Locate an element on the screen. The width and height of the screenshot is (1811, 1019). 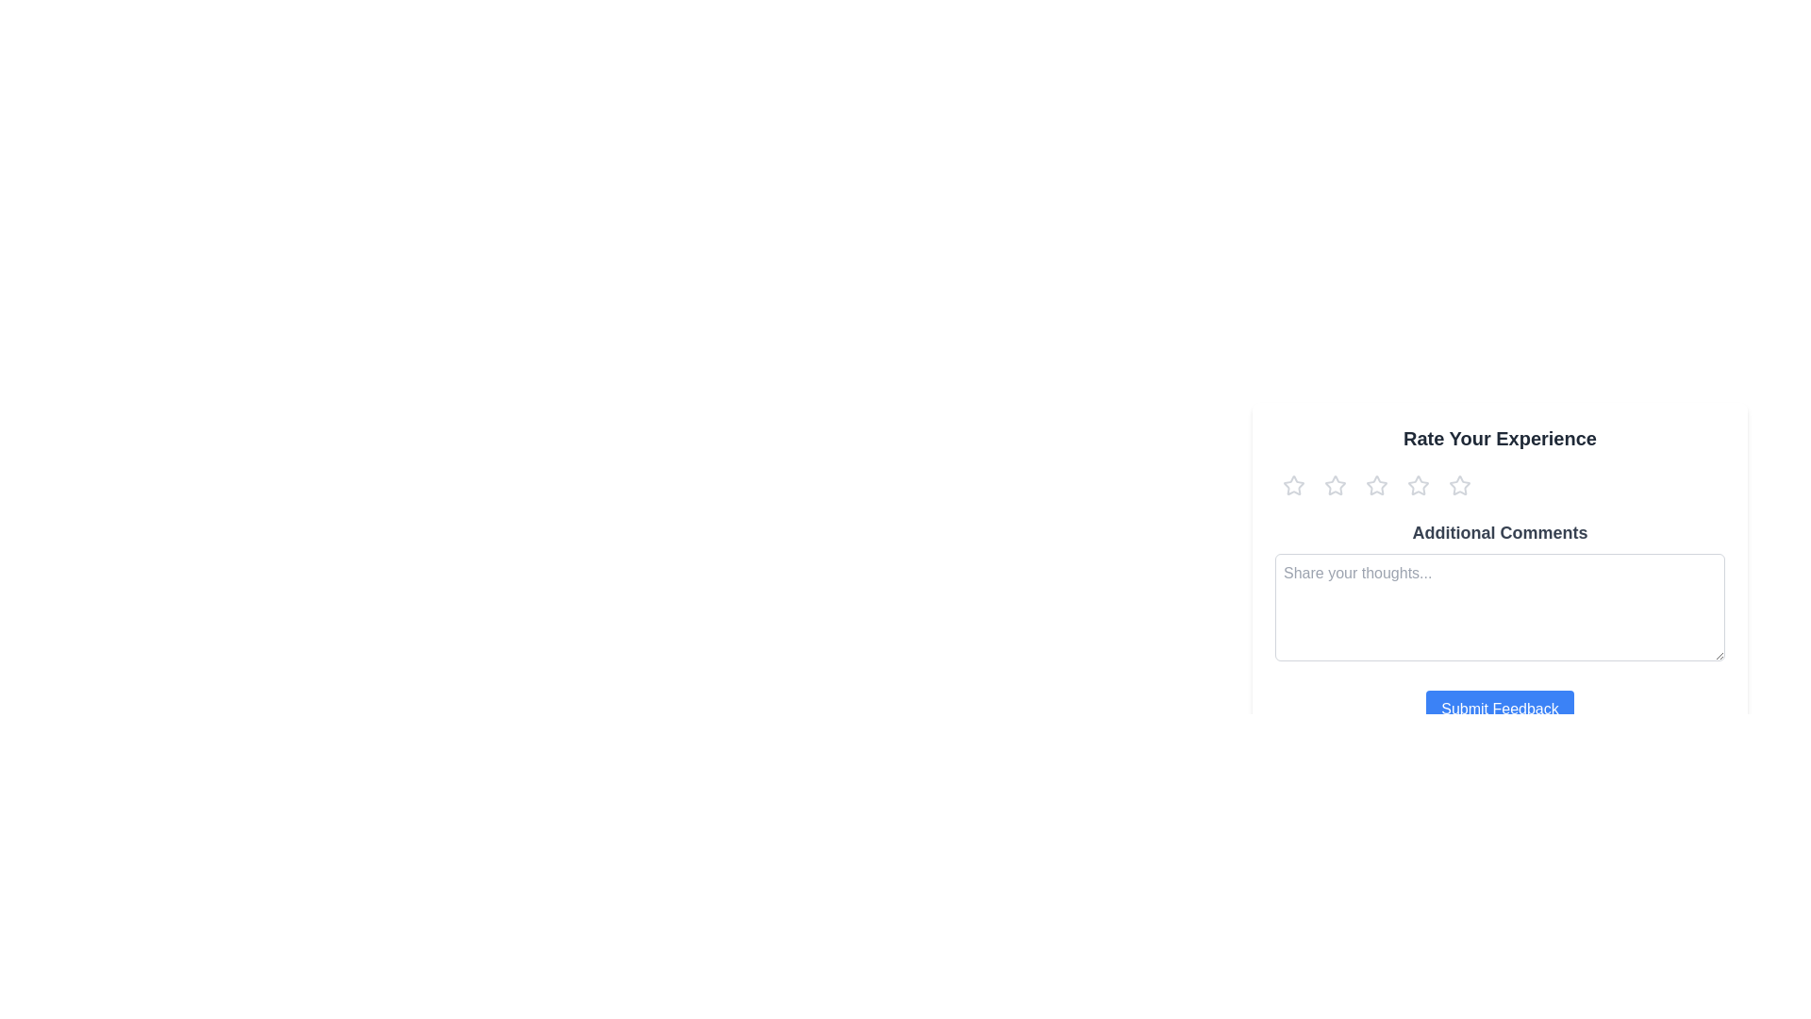
the third star-shaped graphic element from the left under the title 'Rate Your Experience' is located at coordinates (1418, 485).